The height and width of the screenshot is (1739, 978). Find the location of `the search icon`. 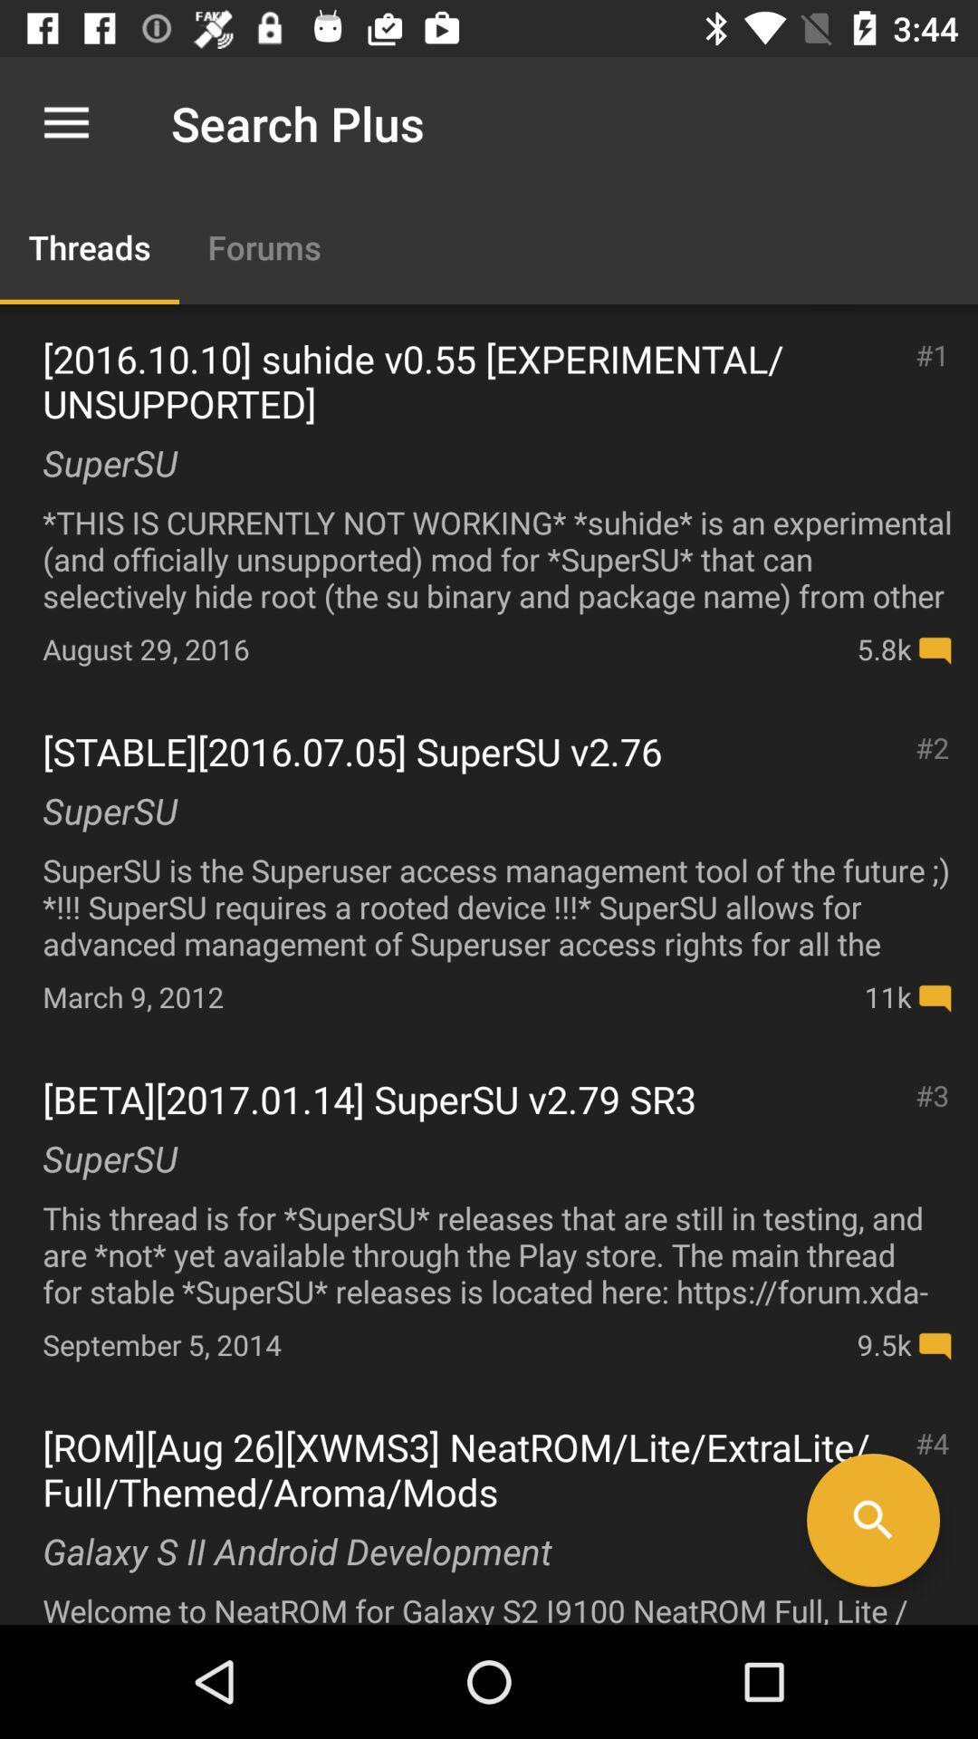

the search icon is located at coordinates (872, 1520).